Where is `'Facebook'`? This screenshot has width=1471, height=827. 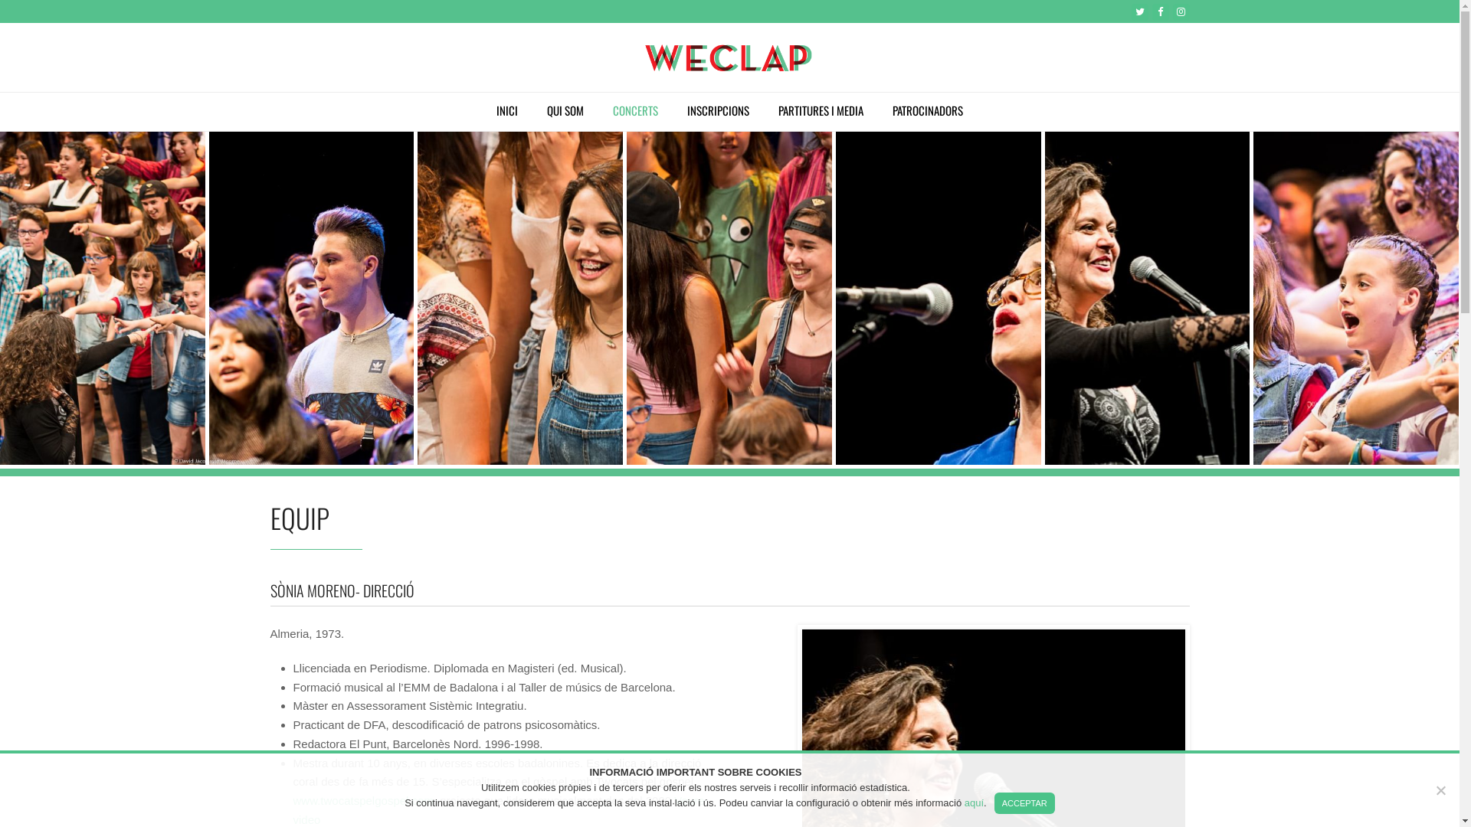
'Facebook' is located at coordinates (1161, 11).